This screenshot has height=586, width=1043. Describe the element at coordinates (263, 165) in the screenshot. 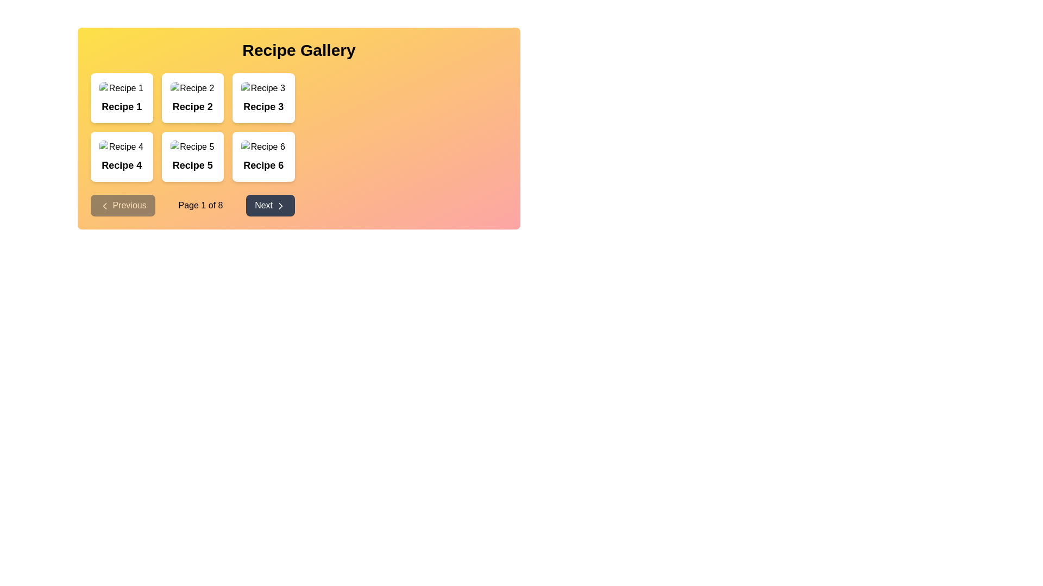

I see `the text content of the label for the sixth recipe item, which is positioned in the lower-right corner of the grid layout` at that location.